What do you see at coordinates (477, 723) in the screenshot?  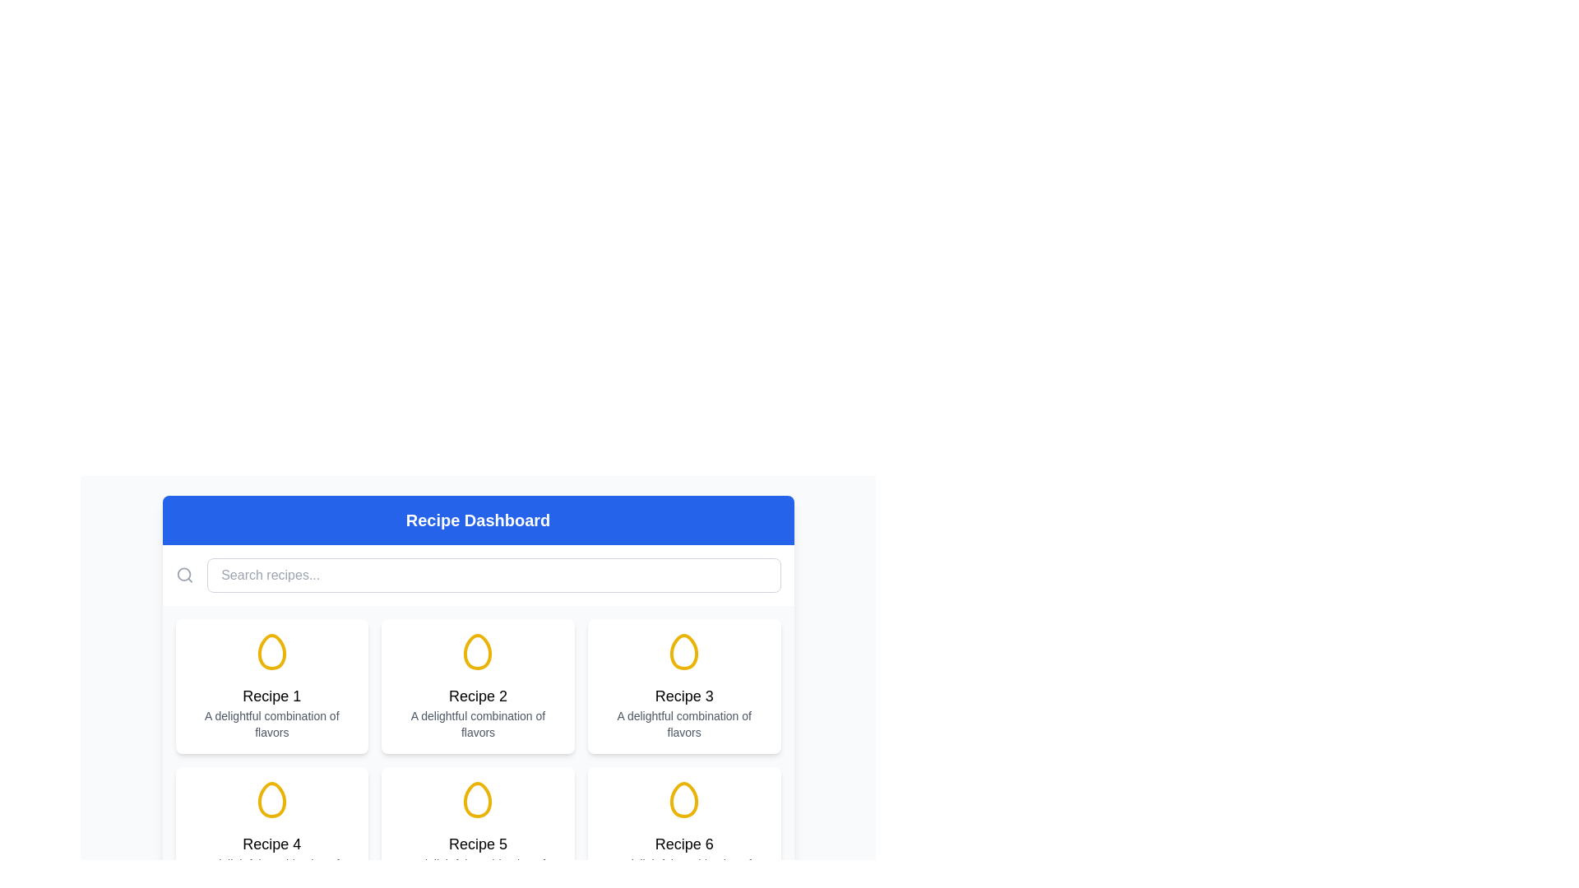 I see `the text block displaying 'A delightful combination of flavors', which is a small, gray, and centered text located at the bottom of the card for 'Recipe 2'` at bounding box center [477, 723].